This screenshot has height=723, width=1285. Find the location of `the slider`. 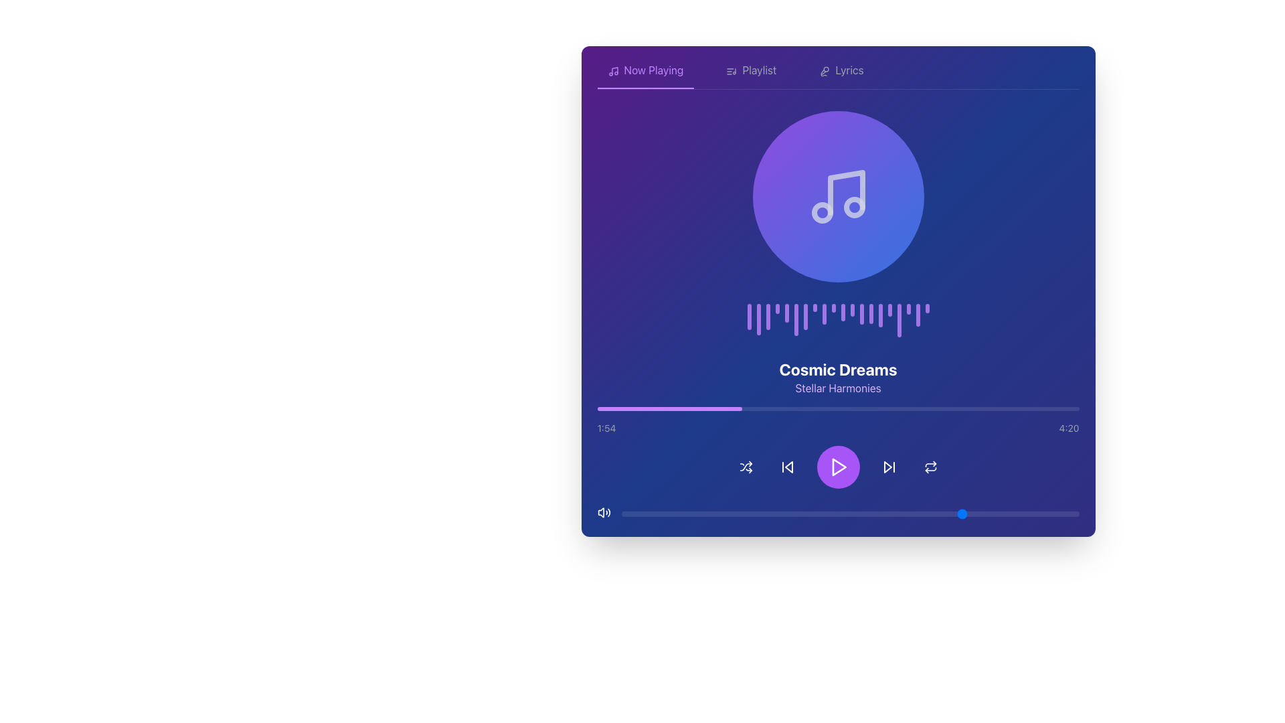

the slider is located at coordinates (1074, 513).